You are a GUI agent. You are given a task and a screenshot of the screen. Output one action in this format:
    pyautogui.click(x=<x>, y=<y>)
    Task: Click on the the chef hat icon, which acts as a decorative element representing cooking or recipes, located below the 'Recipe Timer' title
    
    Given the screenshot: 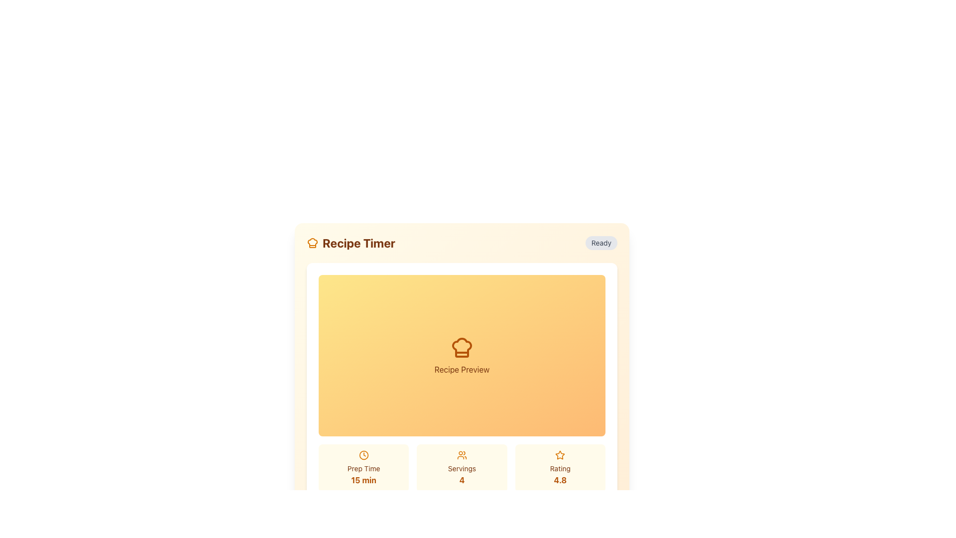 What is the action you would take?
    pyautogui.click(x=461, y=347)
    